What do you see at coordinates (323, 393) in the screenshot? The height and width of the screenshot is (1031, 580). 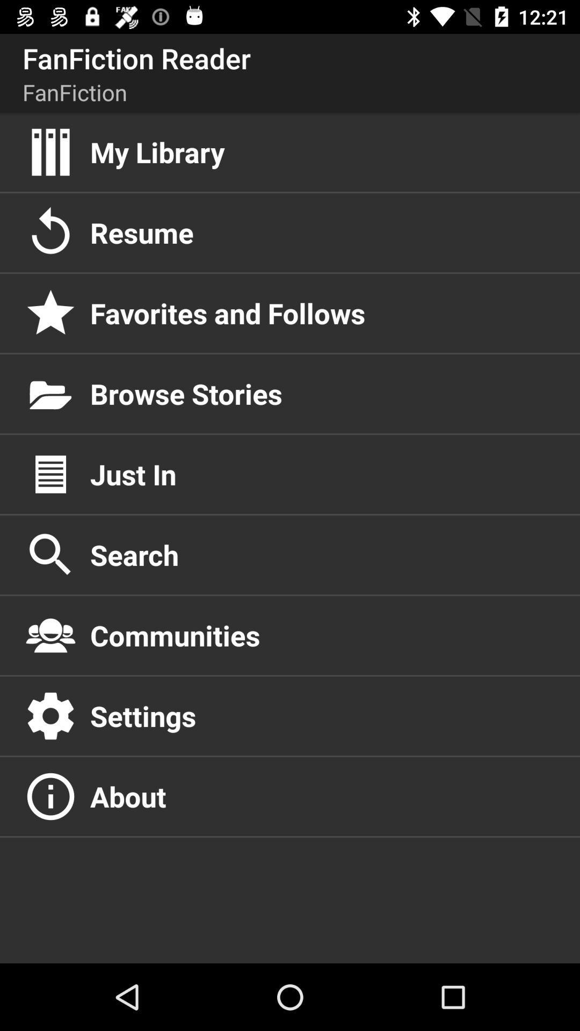 I see `browse stories item` at bounding box center [323, 393].